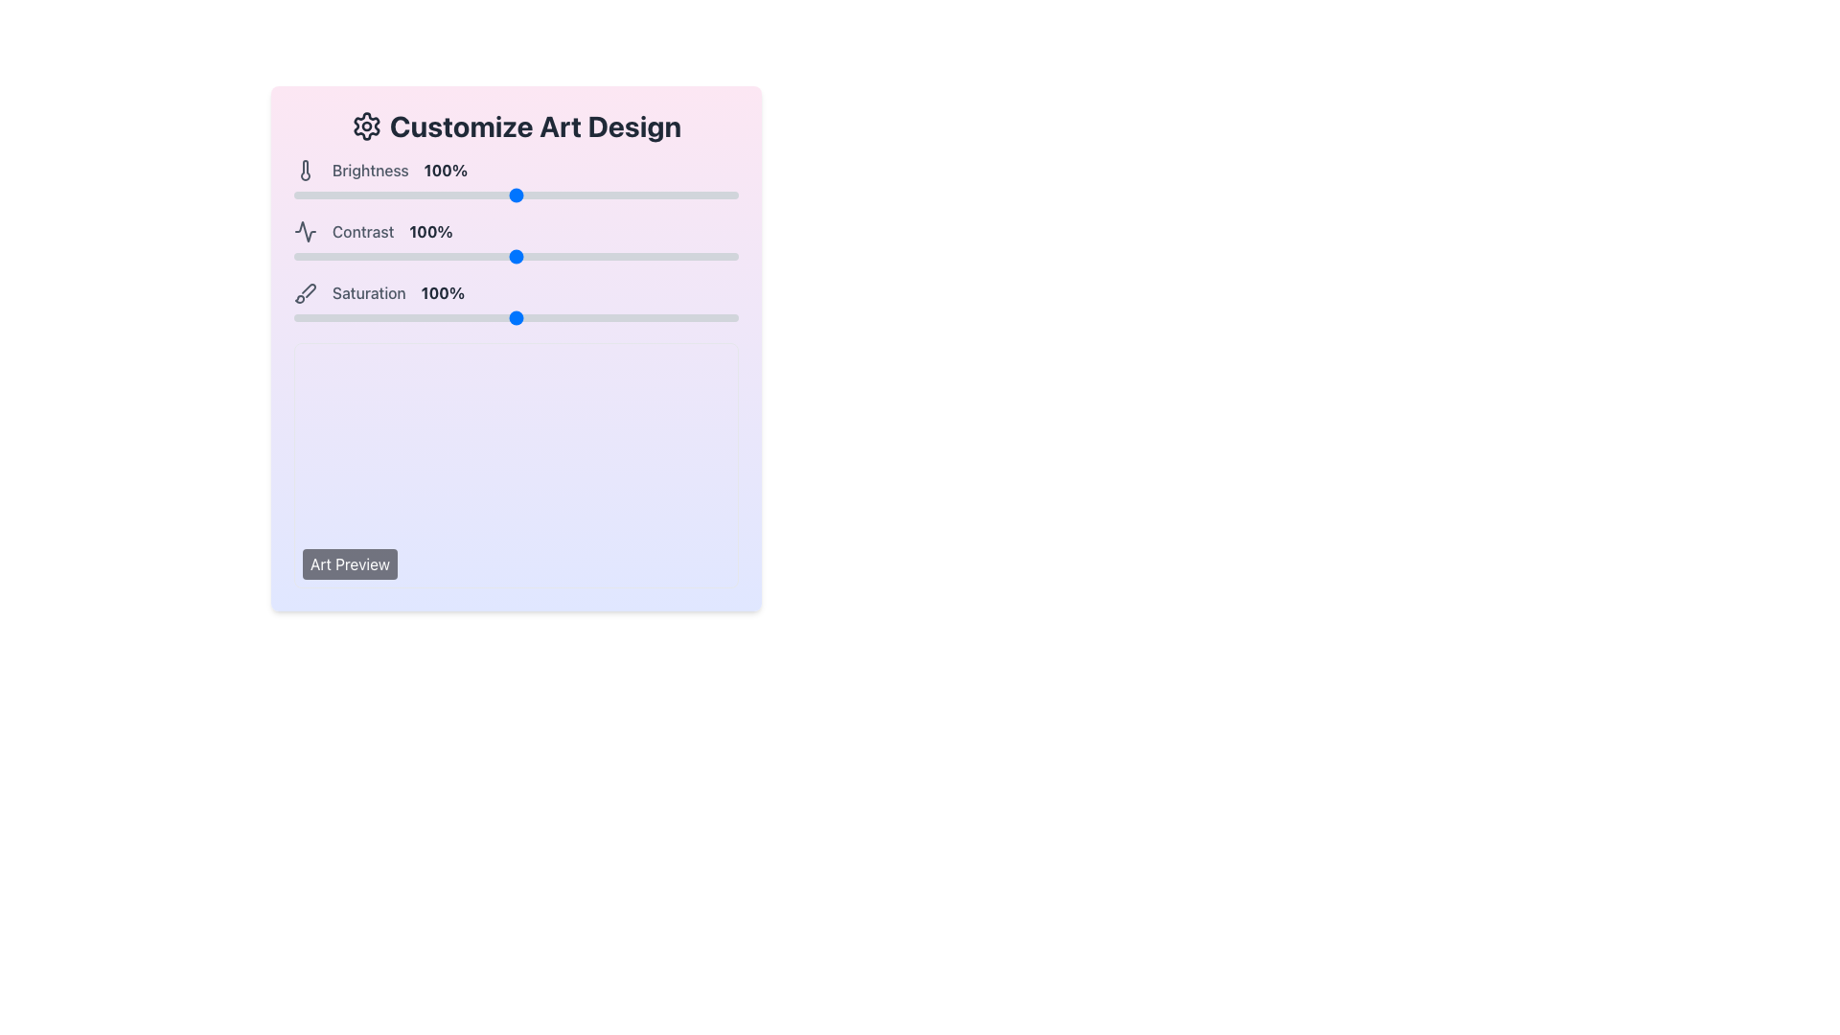  Describe the element at coordinates (623, 255) in the screenshot. I see `contrast` at that location.